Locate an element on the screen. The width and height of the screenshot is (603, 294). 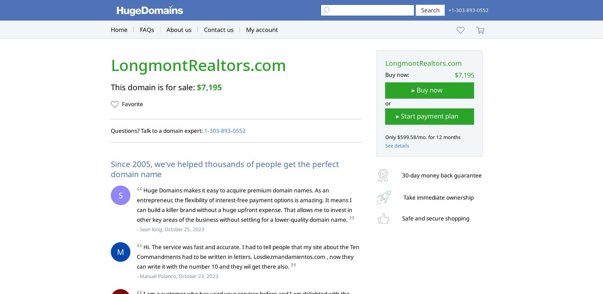
'LongmontRealtors.com' is located at coordinates (199, 65).